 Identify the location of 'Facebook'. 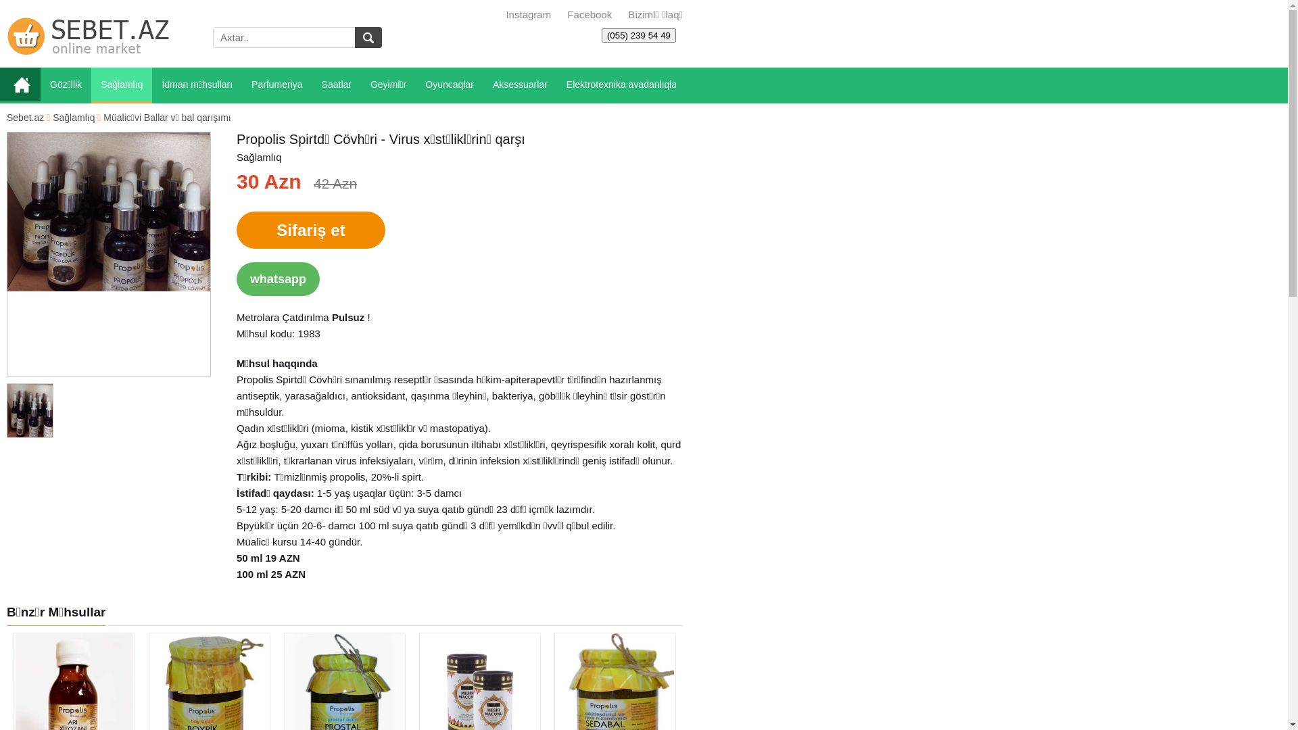
(587, 14).